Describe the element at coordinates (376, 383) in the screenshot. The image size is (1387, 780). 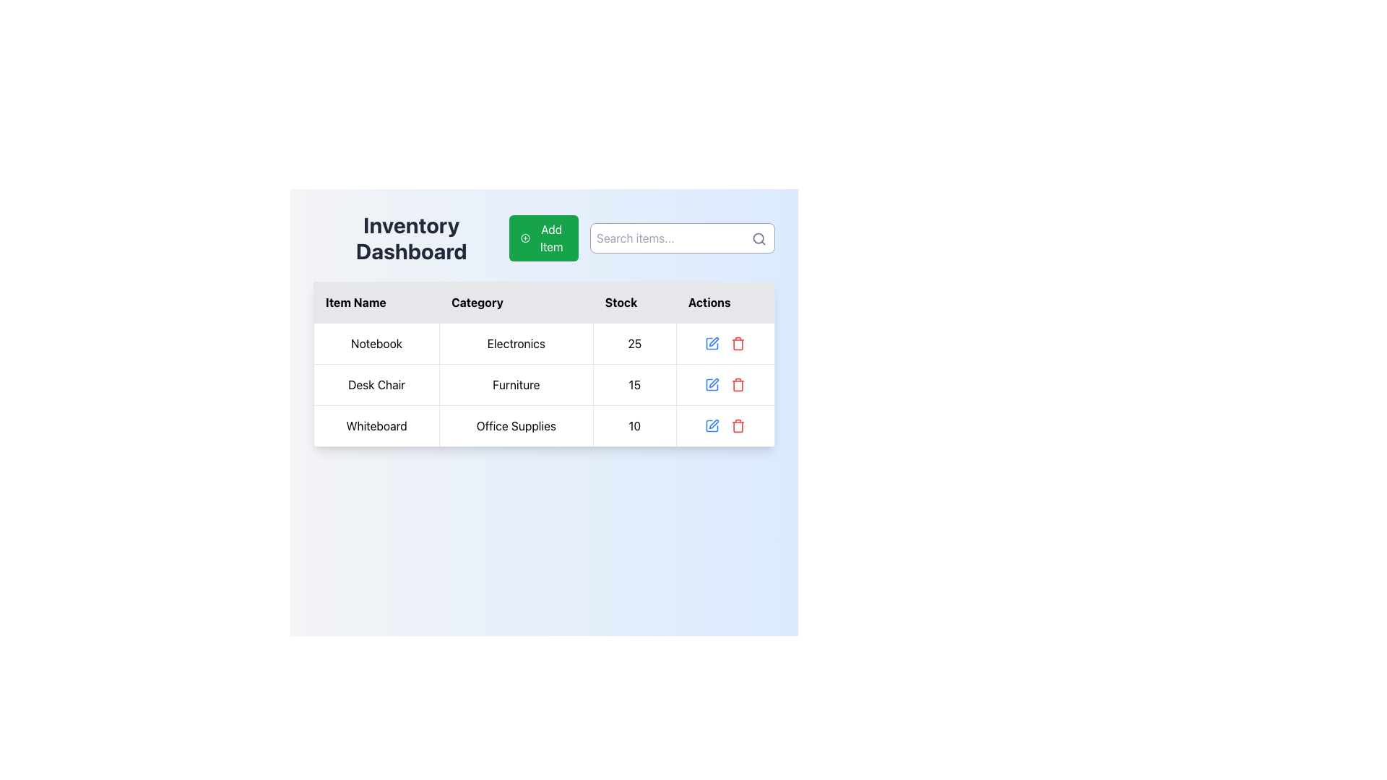
I see `the 'Desk Chair' text label, which is the second row entry in the 'Item Name' column of the table layout` at that location.